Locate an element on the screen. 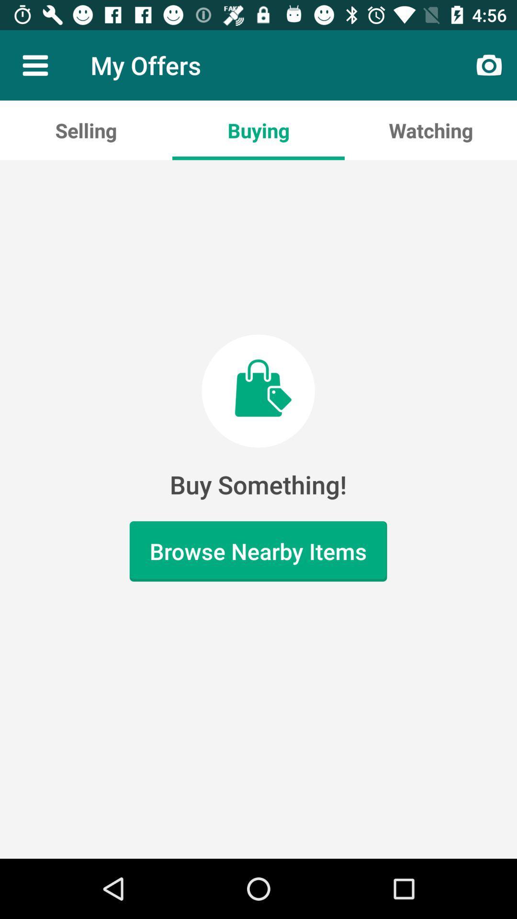  the item to the right of the selling app is located at coordinates (258, 130).